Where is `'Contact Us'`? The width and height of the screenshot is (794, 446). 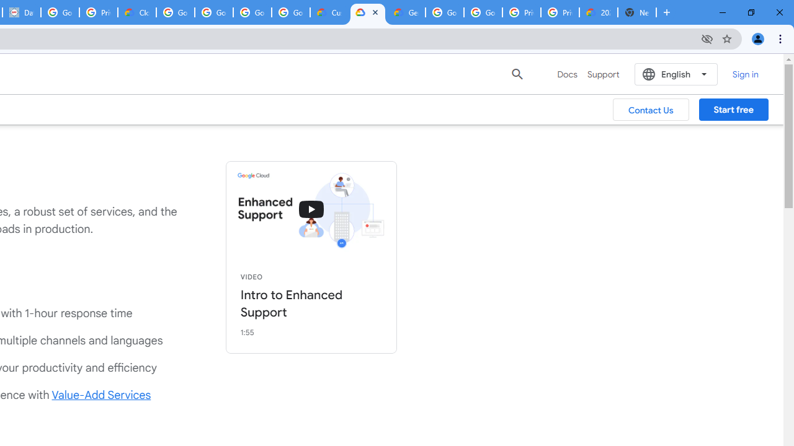 'Contact Us' is located at coordinates (650, 109).